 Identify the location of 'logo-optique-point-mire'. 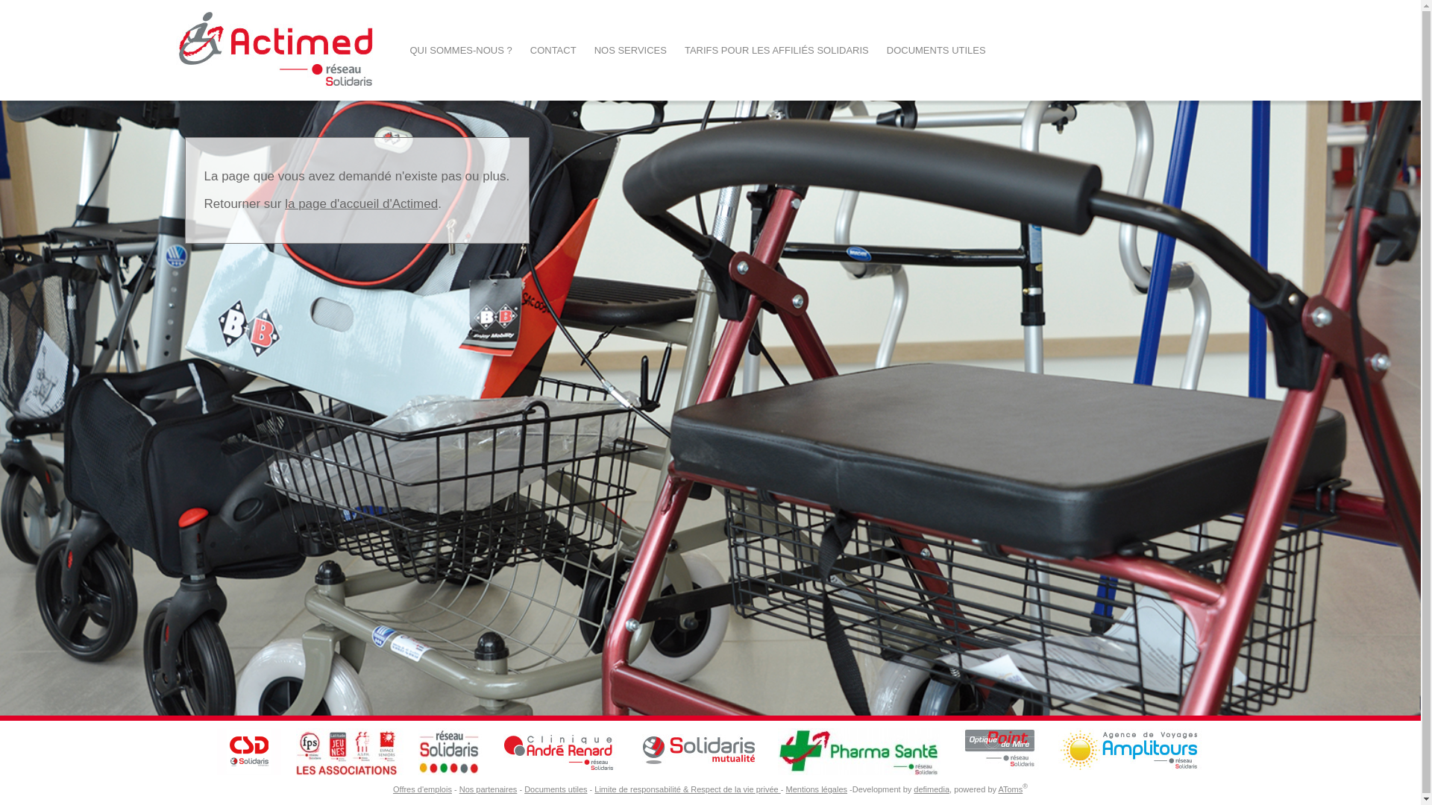
(999, 751).